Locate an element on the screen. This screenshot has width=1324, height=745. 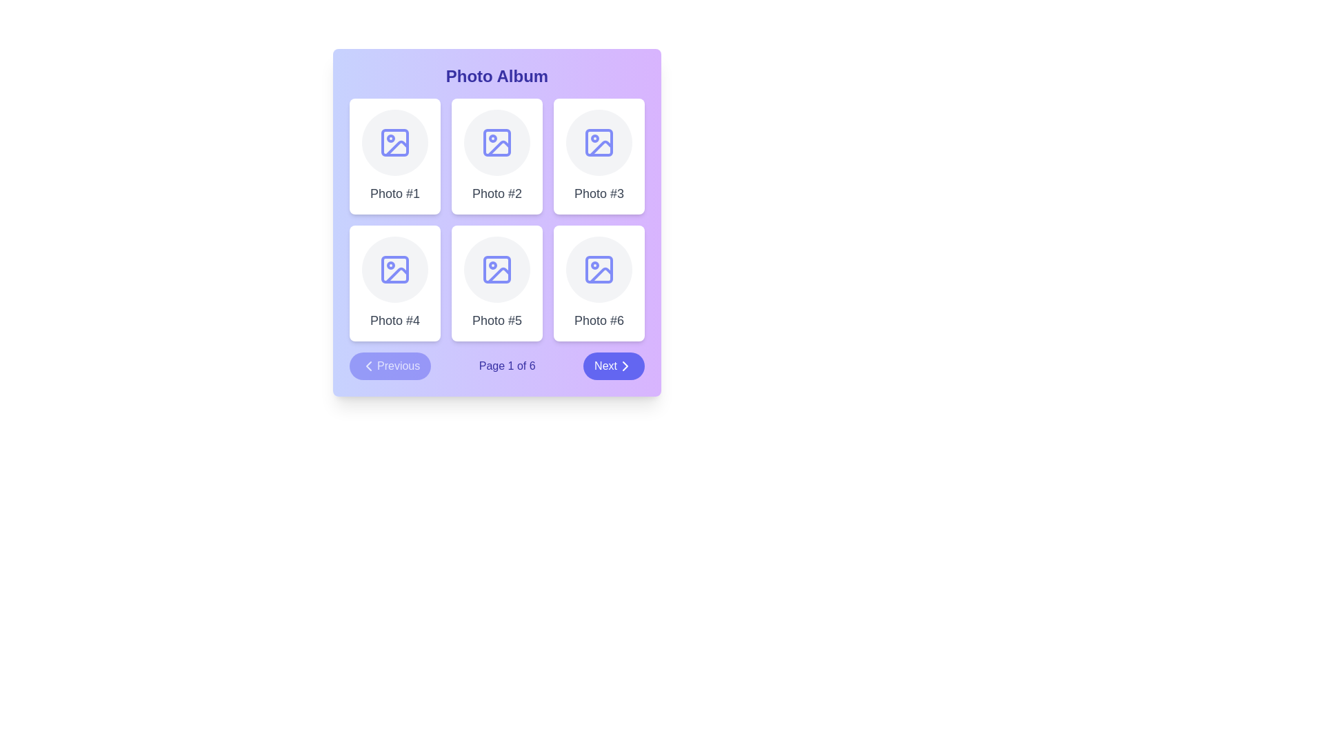
the first card in the photo album interface, which has a white background, rounded corners, and contains a circular gray area with an indigo icon and the label 'Photo #1' is located at coordinates (394, 156).